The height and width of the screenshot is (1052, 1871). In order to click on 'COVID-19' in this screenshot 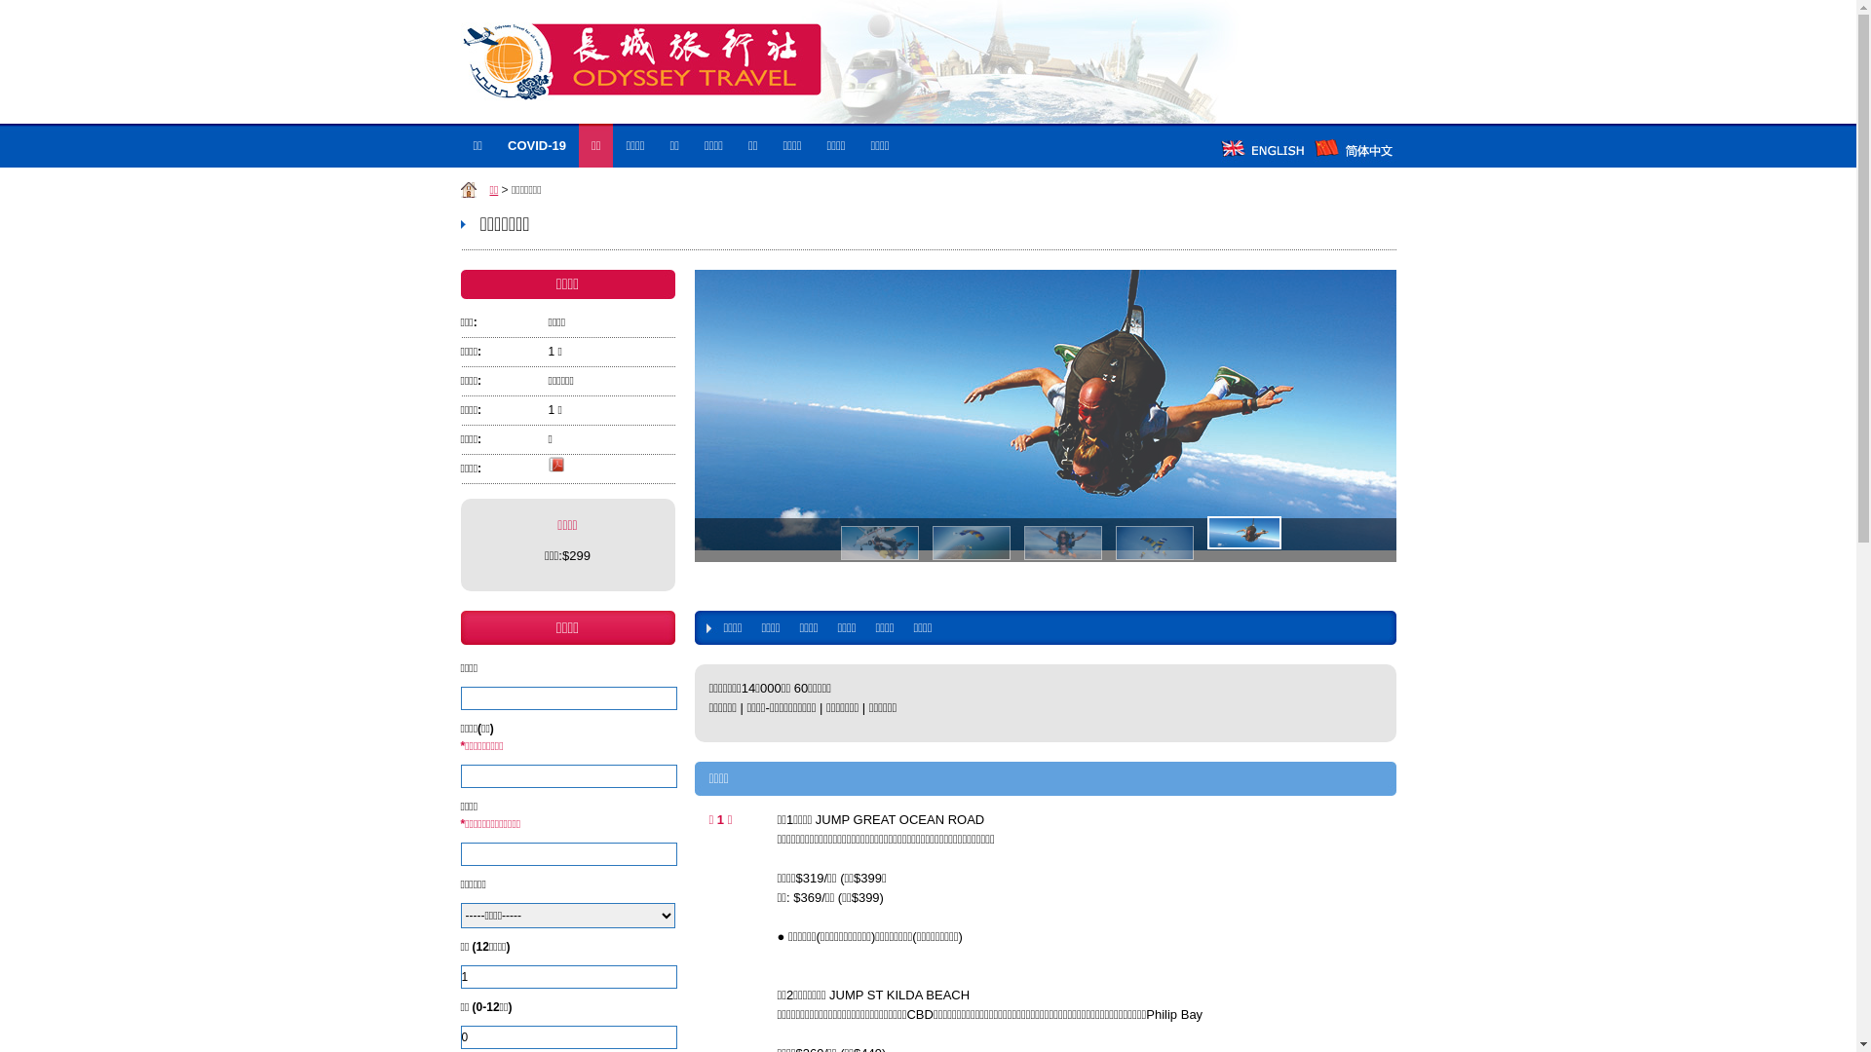, I will do `click(537, 144)`.